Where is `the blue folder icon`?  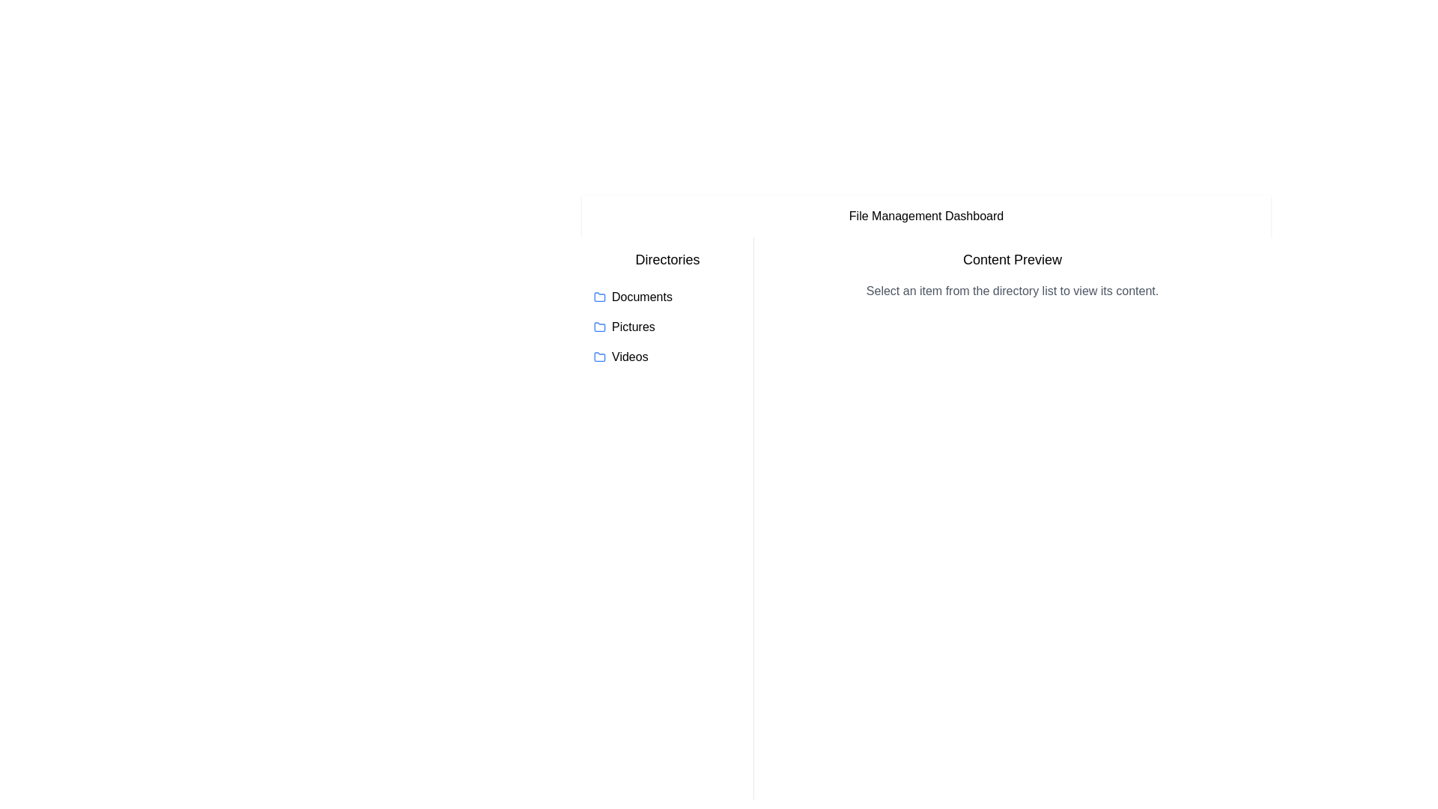 the blue folder icon is located at coordinates (600, 297).